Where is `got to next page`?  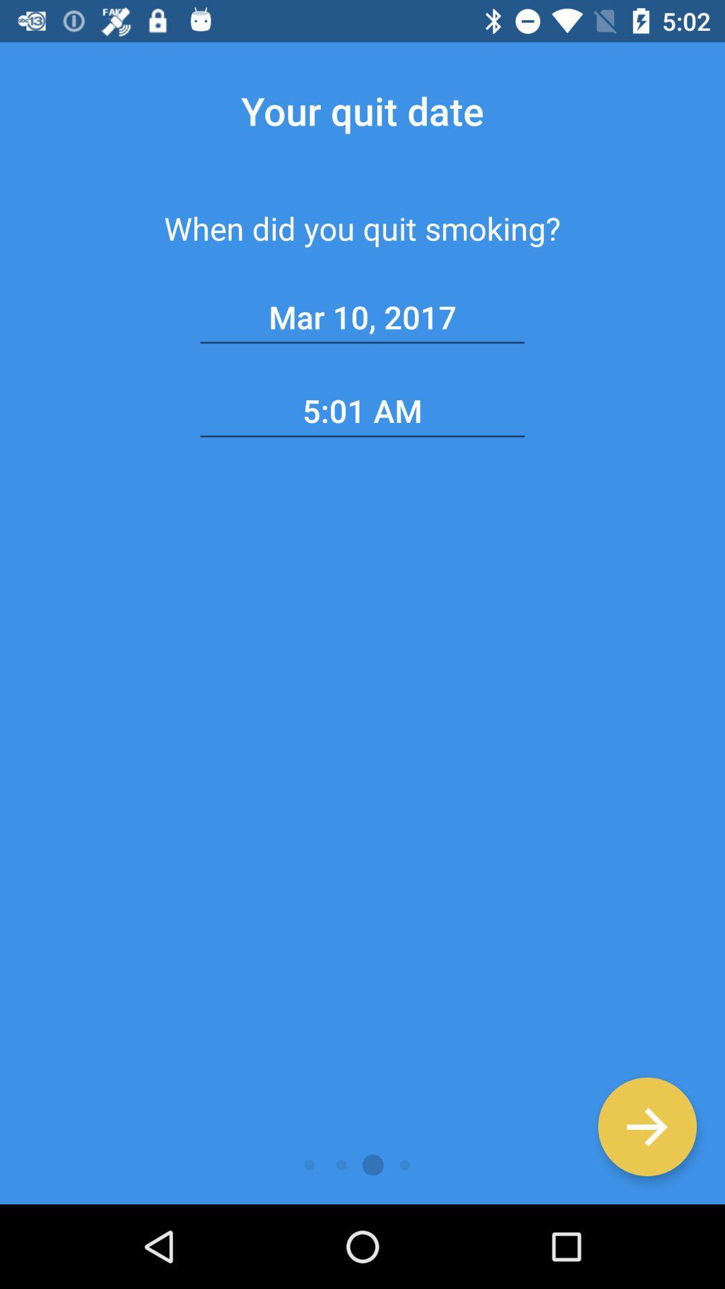 got to next page is located at coordinates (646, 1127).